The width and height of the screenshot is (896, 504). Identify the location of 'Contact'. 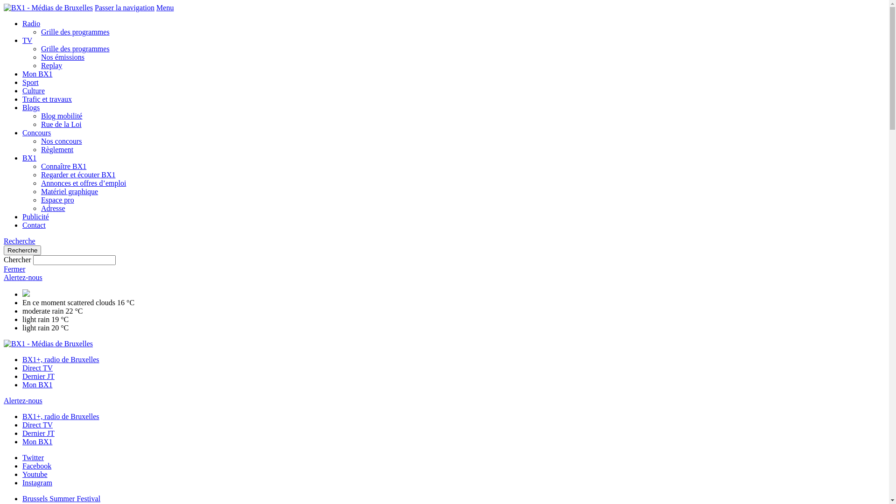
(22, 225).